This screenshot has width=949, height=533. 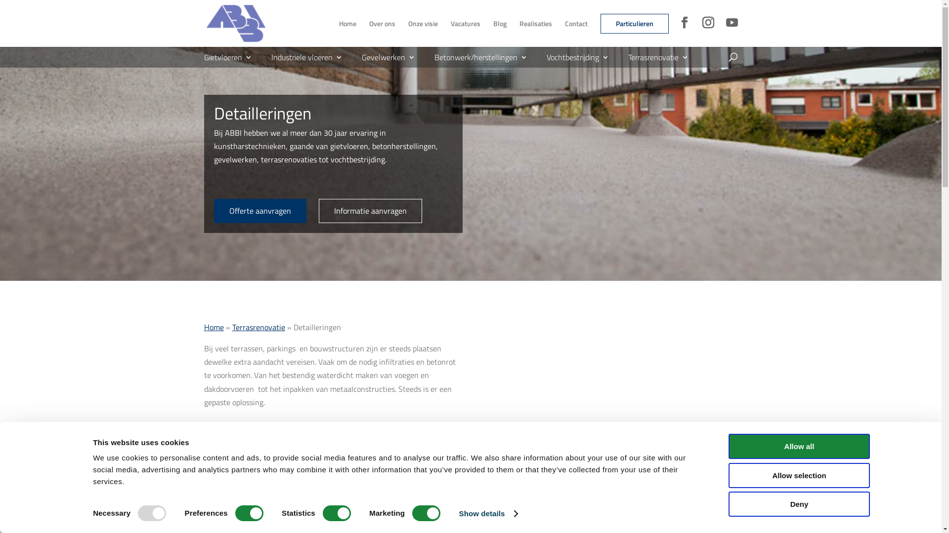 What do you see at coordinates (799, 446) in the screenshot?
I see `'Allow all'` at bounding box center [799, 446].